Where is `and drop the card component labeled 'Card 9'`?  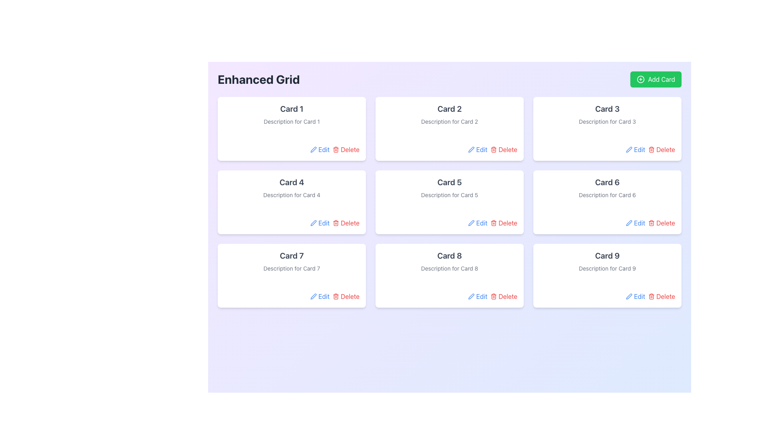
and drop the card component labeled 'Card 9' is located at coordinates (607, 275).